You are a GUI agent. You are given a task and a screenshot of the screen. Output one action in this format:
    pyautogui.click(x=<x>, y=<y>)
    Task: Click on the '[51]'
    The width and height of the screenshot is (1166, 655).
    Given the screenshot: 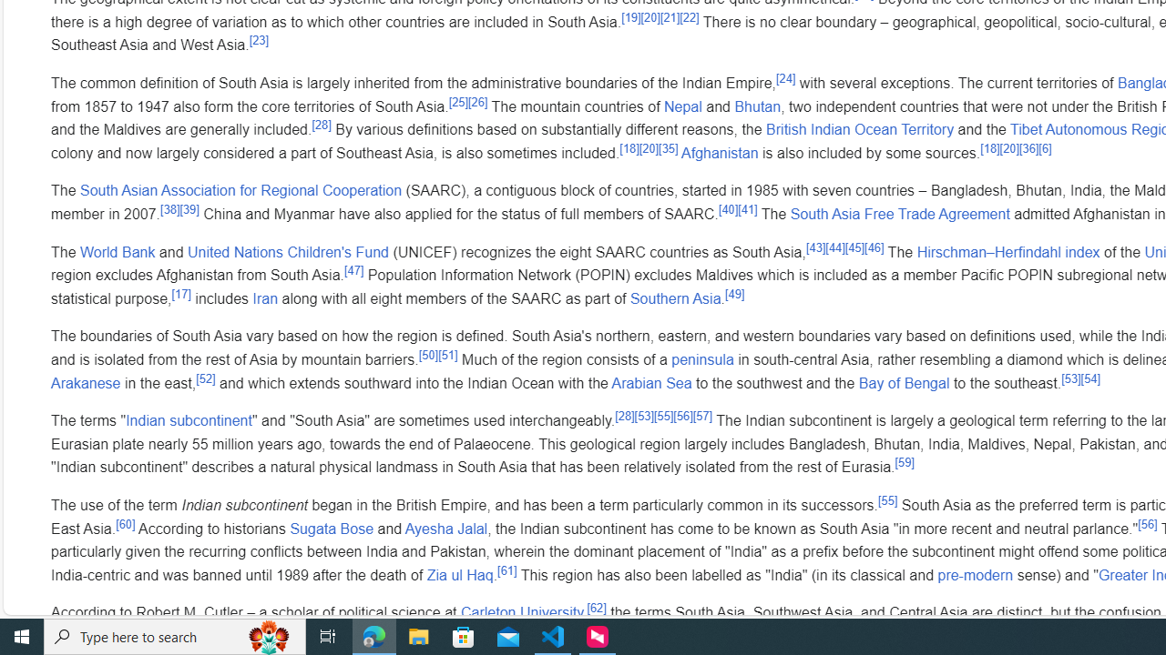 What is the action you would take?
    pyautogui.click(x=448, y=355)
    